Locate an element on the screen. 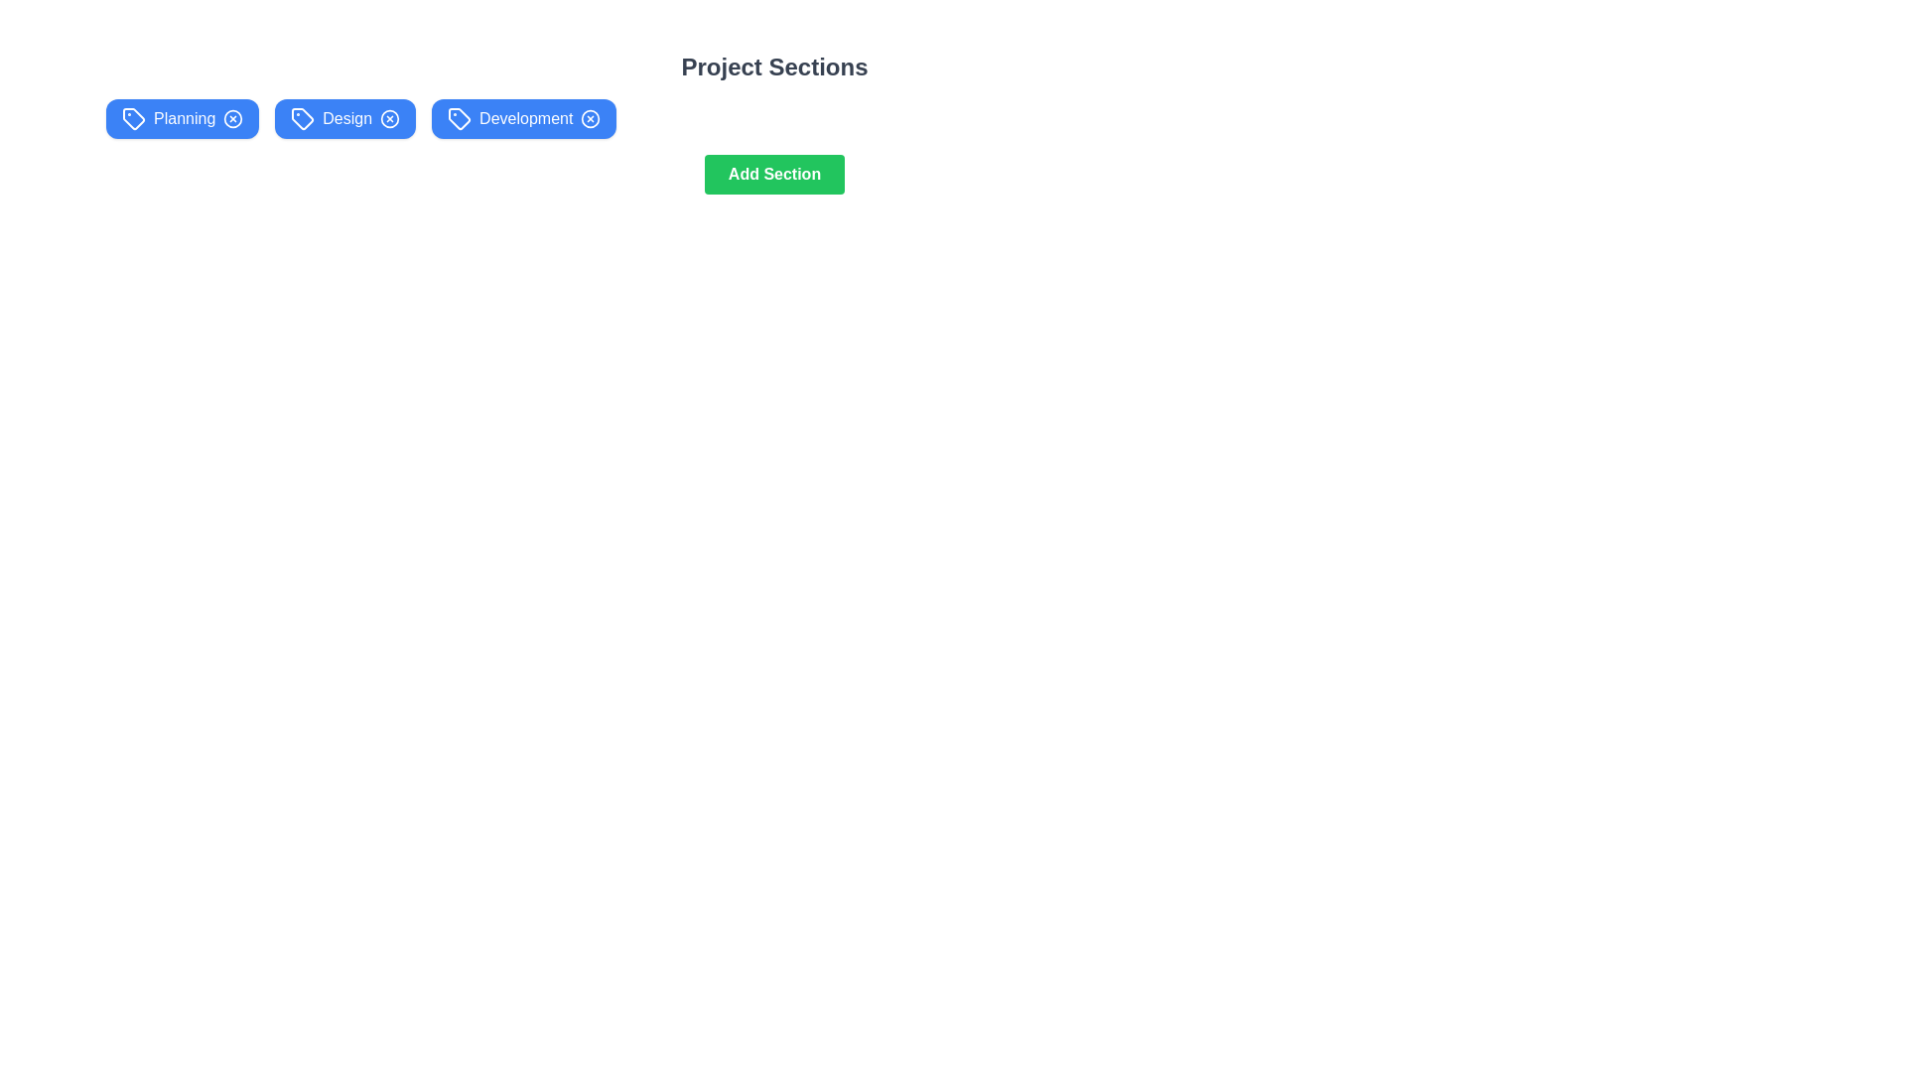 This screenshot has width=1906, height=1072. remove button (X) on the section chip labeled Planning is located at coordinates (233, 118).